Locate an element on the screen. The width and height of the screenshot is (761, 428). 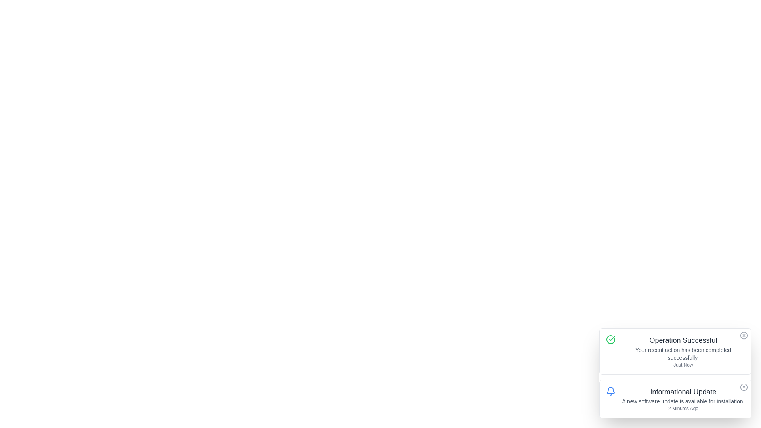
the notification title to read: Informational Update is located at coordinates (683, 391).